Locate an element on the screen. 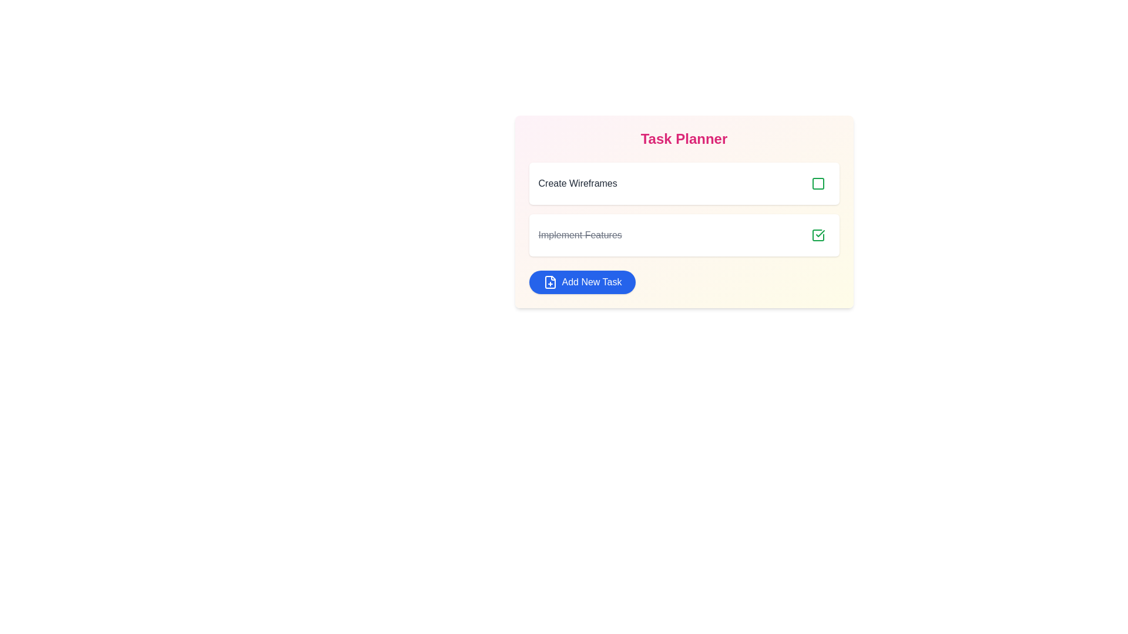 The width and height of the screenshot is (1128, 634). the inner square component of the SVG icon representing the delete action for the task 'Create Wireframes' is located at coordinates (817, 183).